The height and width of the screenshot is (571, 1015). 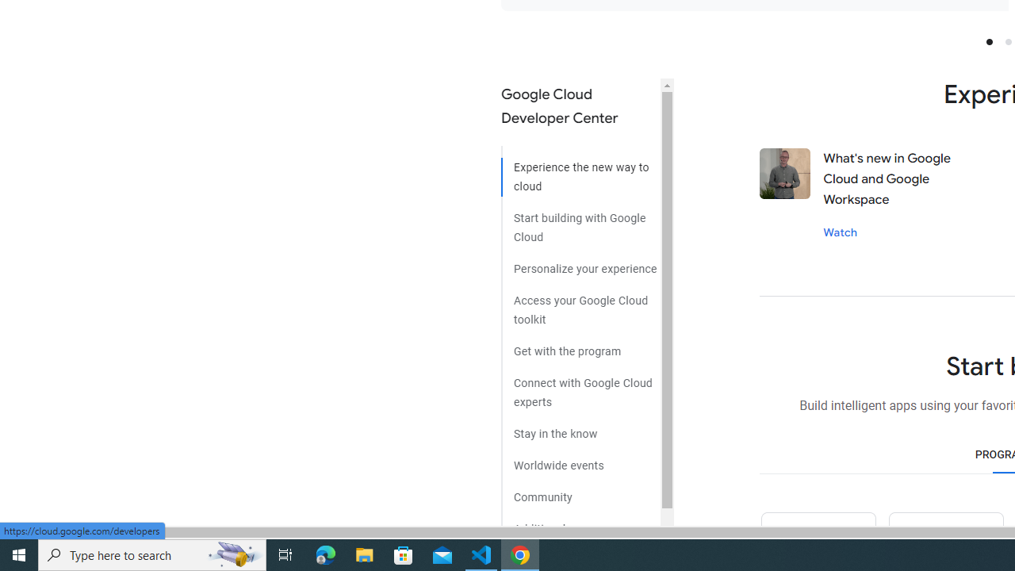 I want to click on 'Additional resources', so click(x=580, y=523).